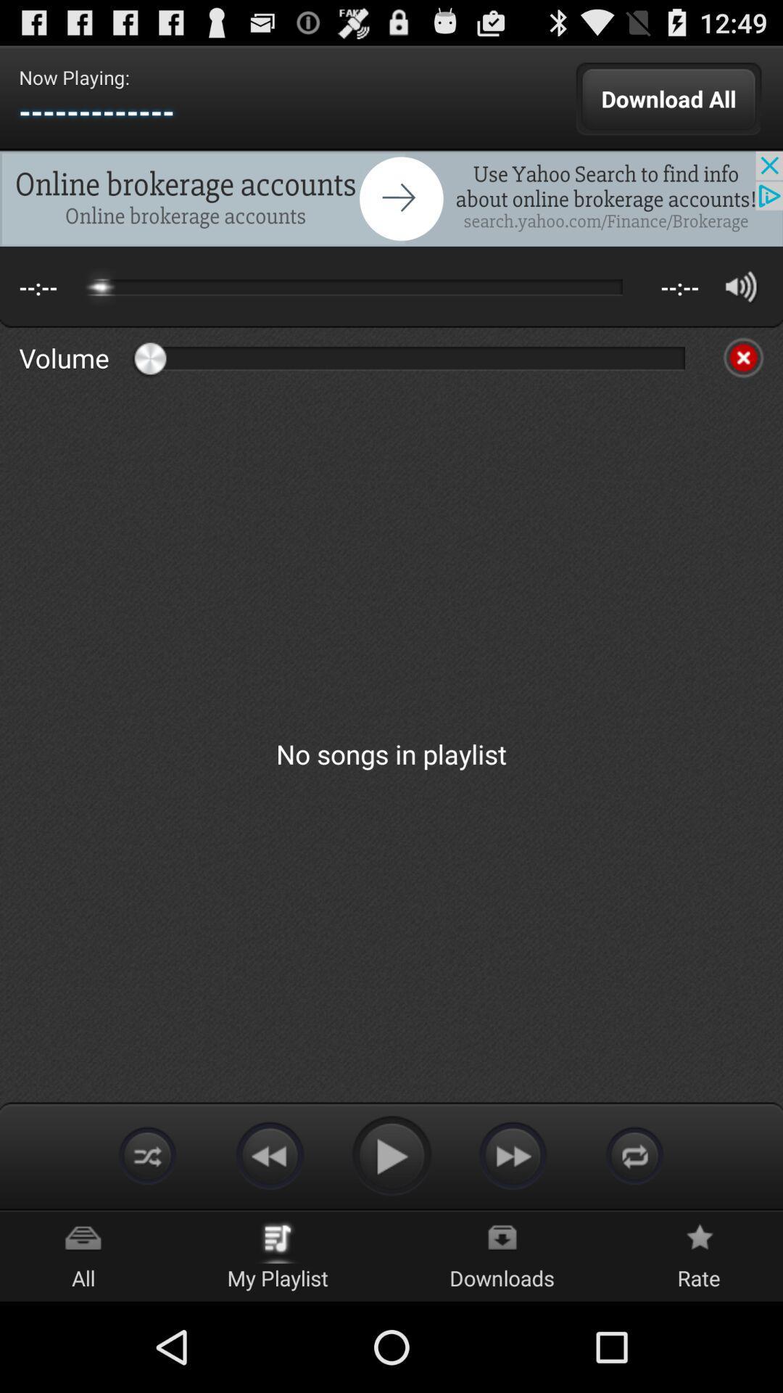 The width and height of the screenshot is (783, 1393). Describe the element at coordinates (634, 1154) in the screenshot. I see `click on shuffle` at that location.